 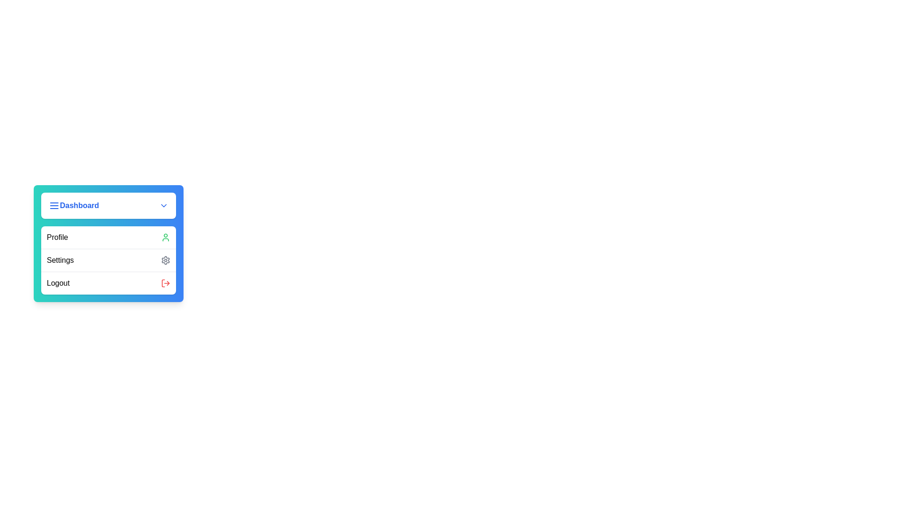 I want to click on the 'Profile' option in the dropdown menu, so click(x=108, y=237).